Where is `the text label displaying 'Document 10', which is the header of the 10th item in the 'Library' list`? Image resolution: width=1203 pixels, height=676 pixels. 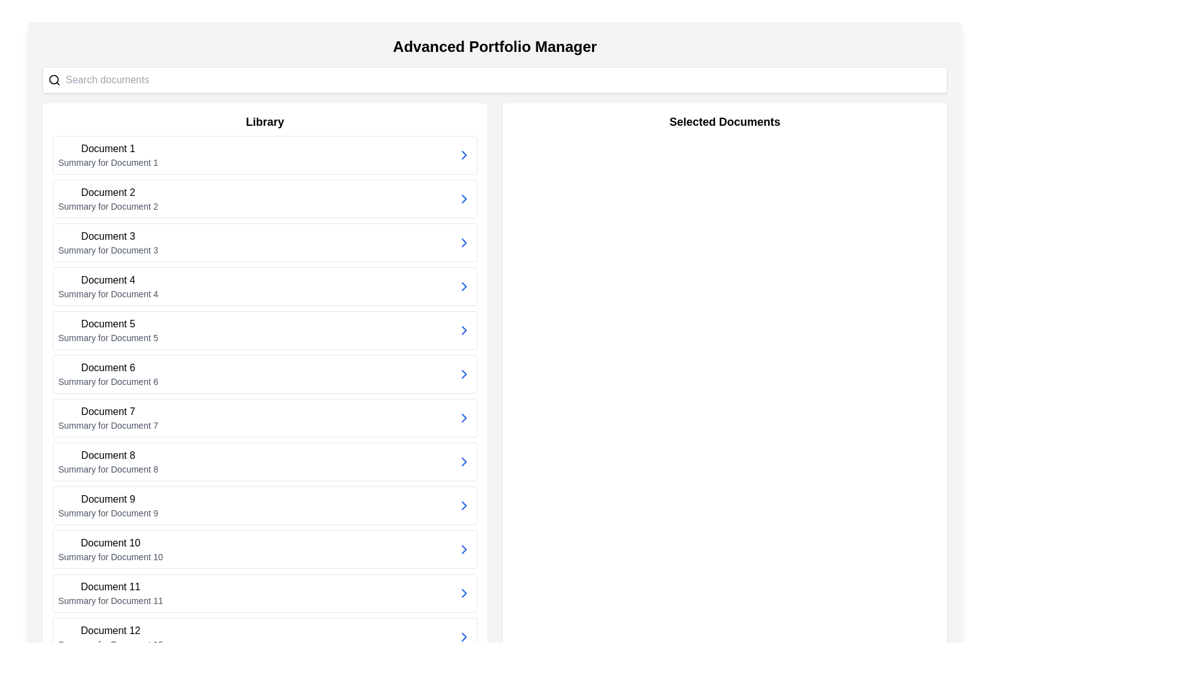 the text label displaying 'Document 10', which is the header of the 10th item in the 'Library' list is located at coordinates (110, 542).